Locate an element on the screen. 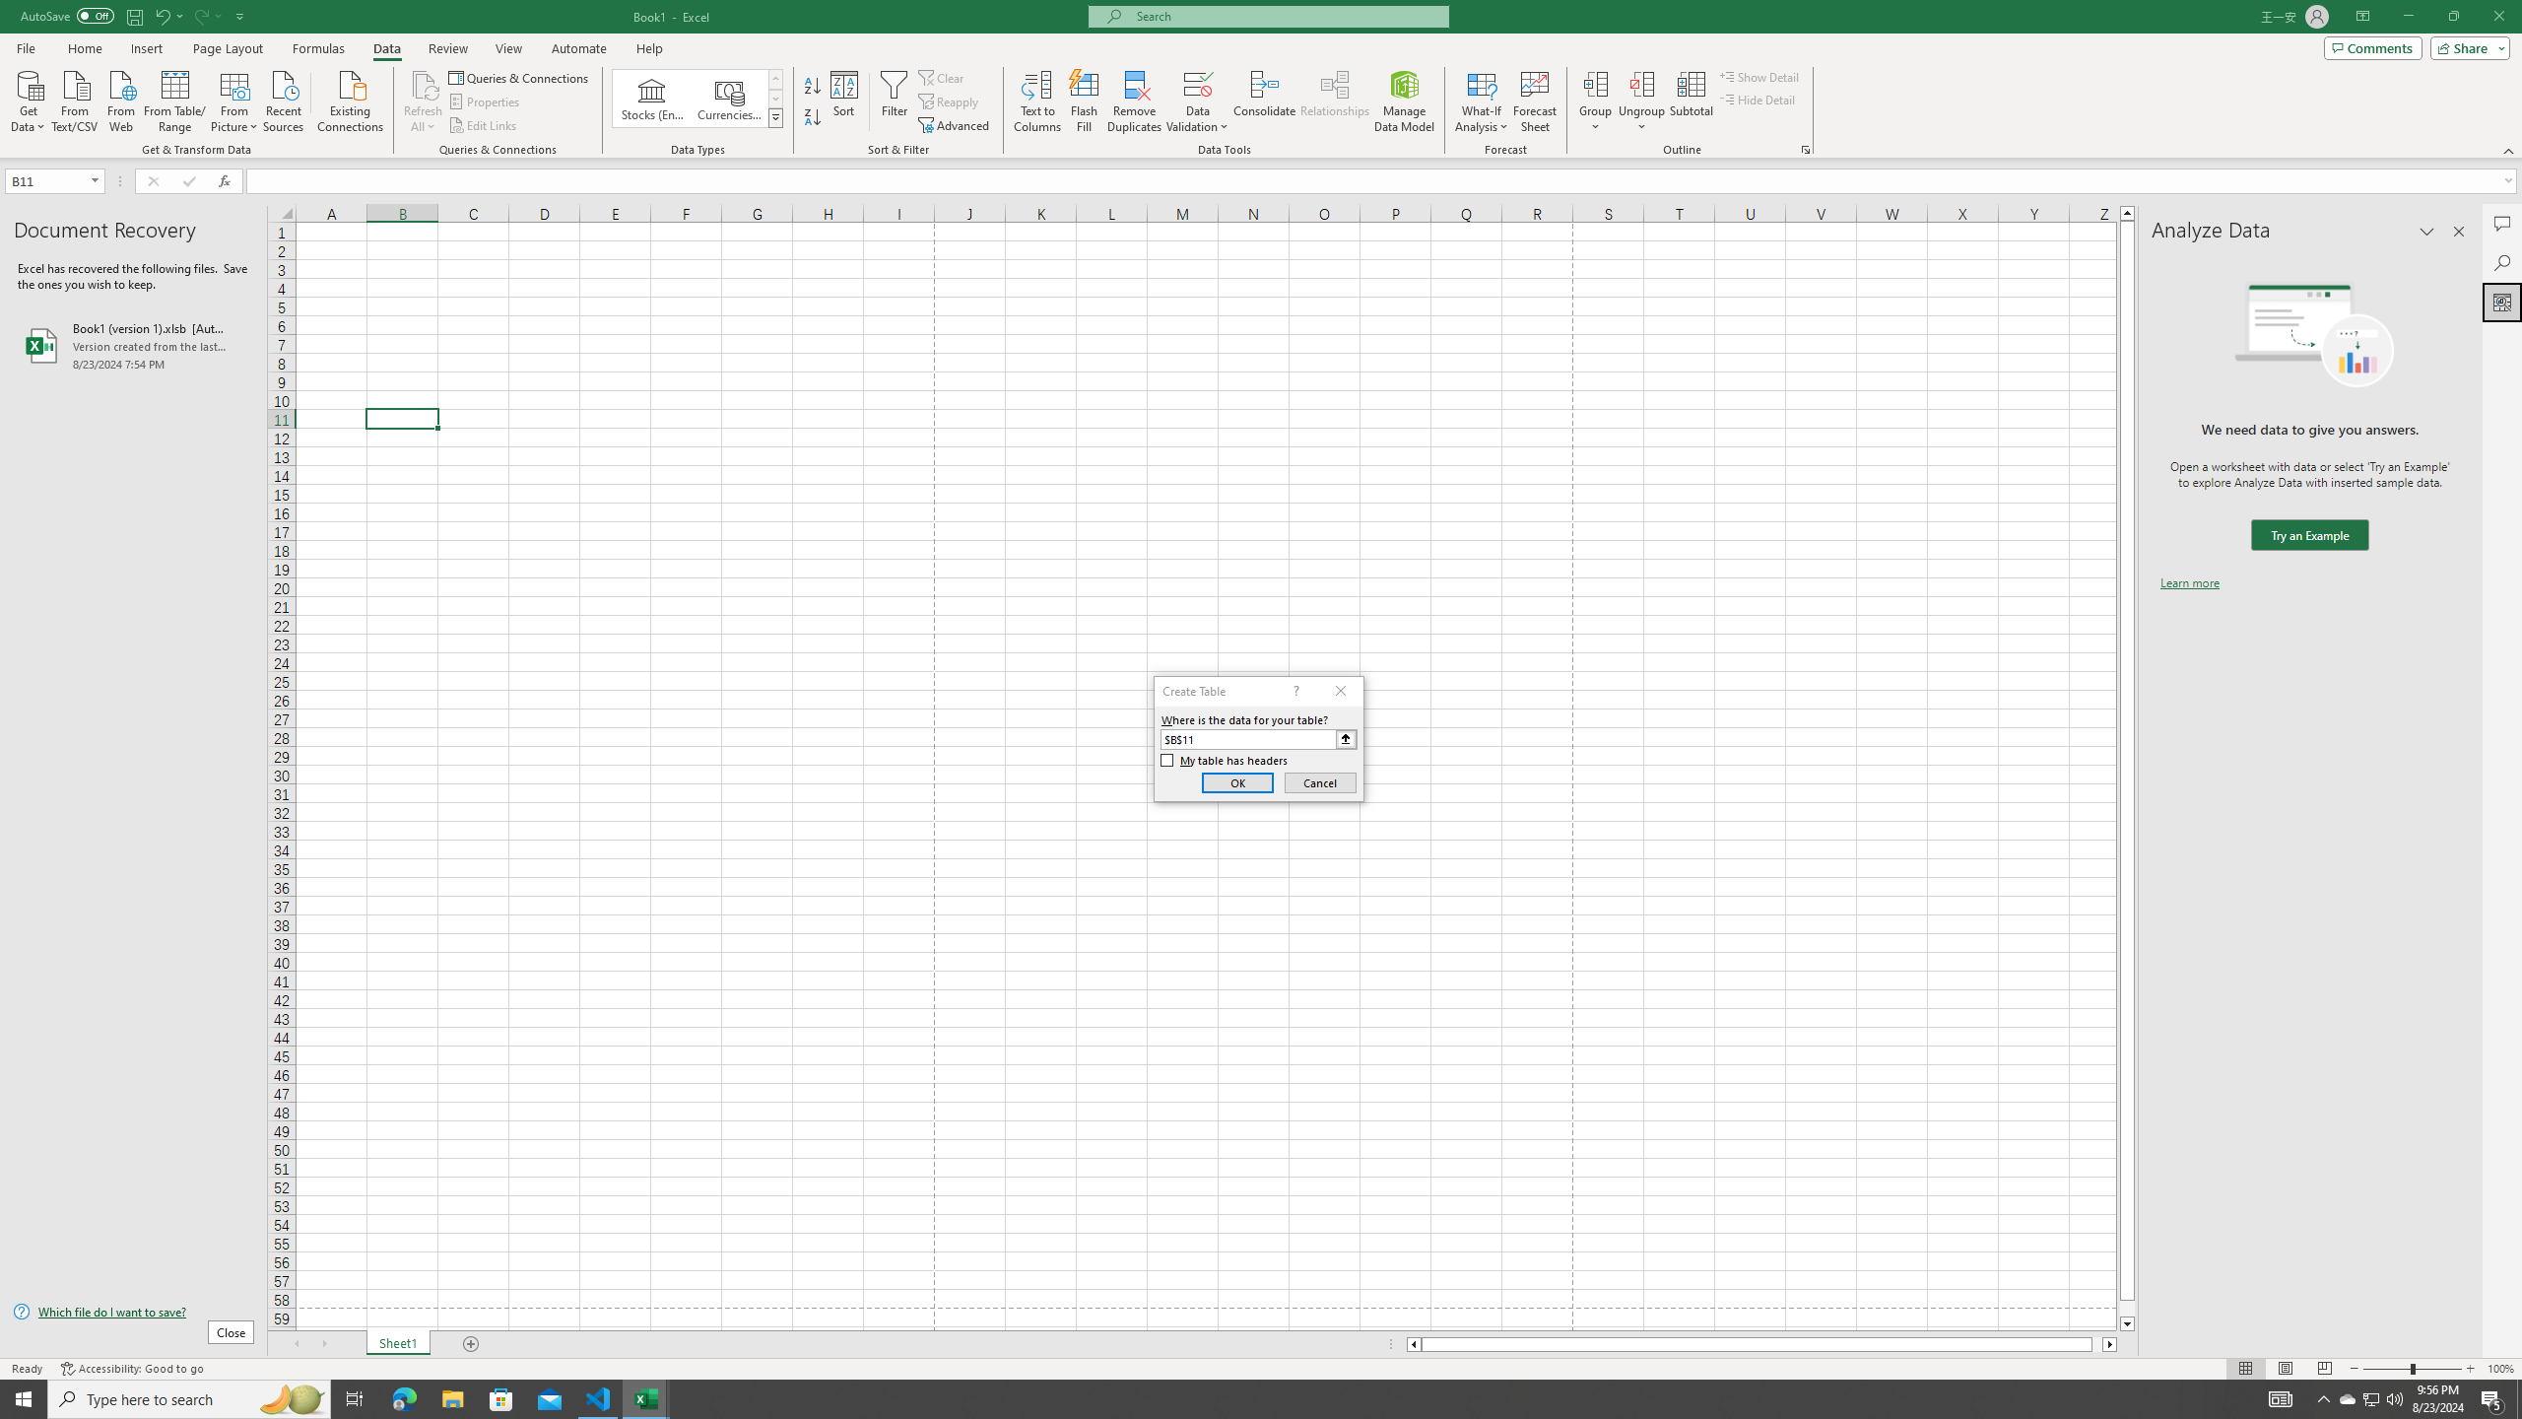  'Which file do I want to save?' is located at coordinates (132, 1313).